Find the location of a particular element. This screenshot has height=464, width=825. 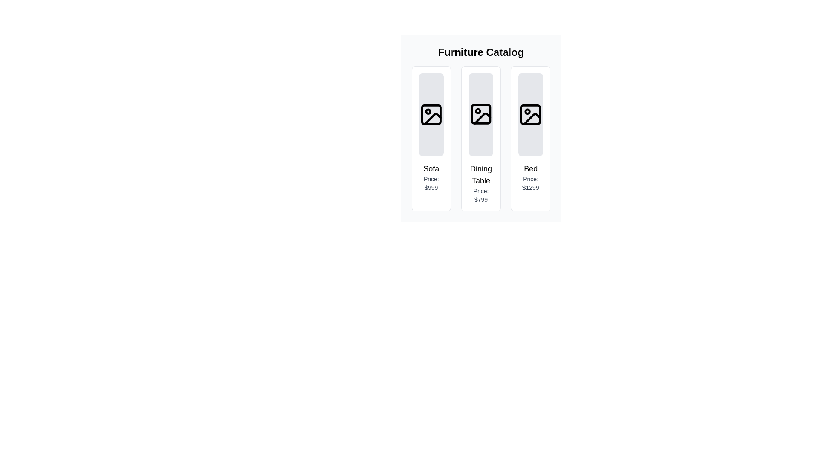

the decorative background of the image placeholder icon located in the second column under the title 'Dining Table' is located at coordinates (480, 114).